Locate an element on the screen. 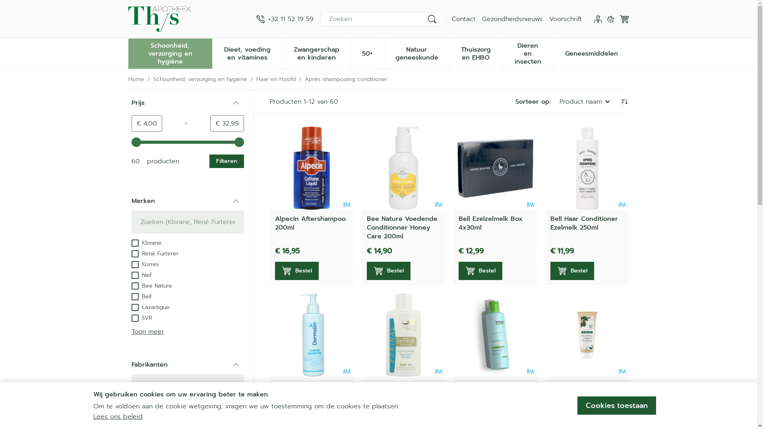 The height and width of the screenshot is (429, 763). 'Voorschrift' is located at coordinates (565, 18).